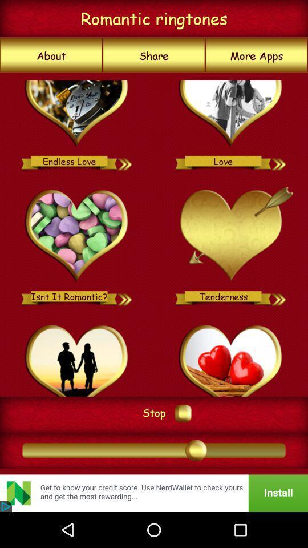 Image resolution: width=308 pixels, height=548 pixels. I want to click on icon above stop, so click(154, 234).